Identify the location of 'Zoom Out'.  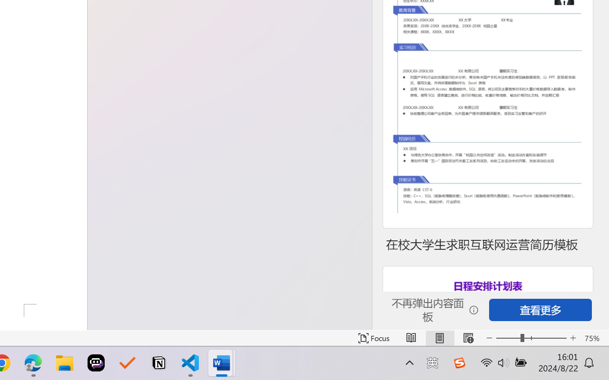
(508, 338).